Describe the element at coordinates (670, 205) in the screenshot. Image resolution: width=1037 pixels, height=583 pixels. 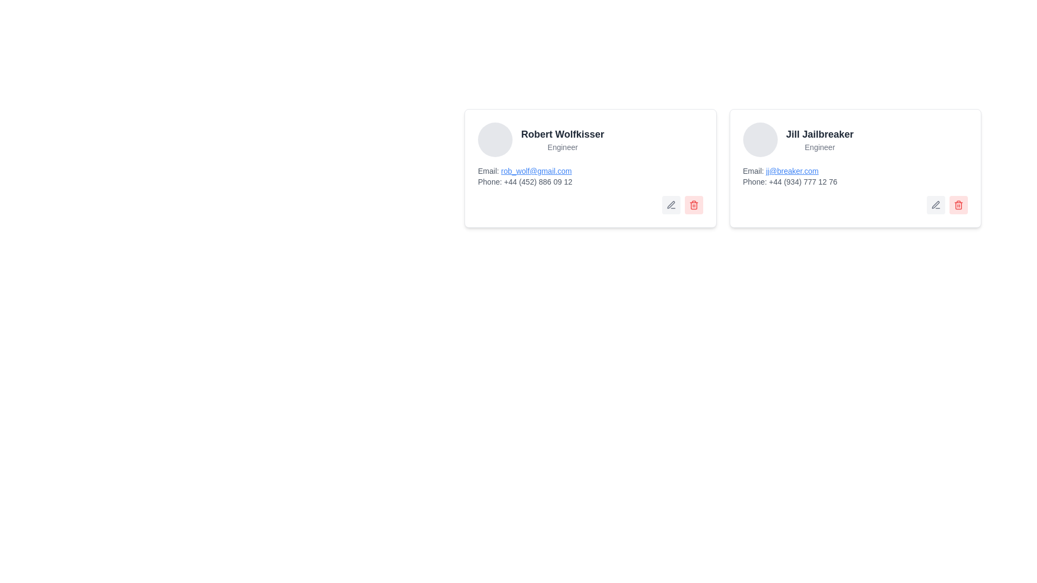
I see `the edit icon (pen) located in the first card from the right at the bottom-right corner` at that location.